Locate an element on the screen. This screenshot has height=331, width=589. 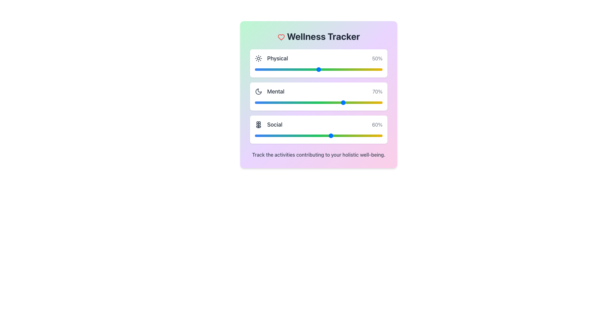
the slider is located at coordinates (323, 102).